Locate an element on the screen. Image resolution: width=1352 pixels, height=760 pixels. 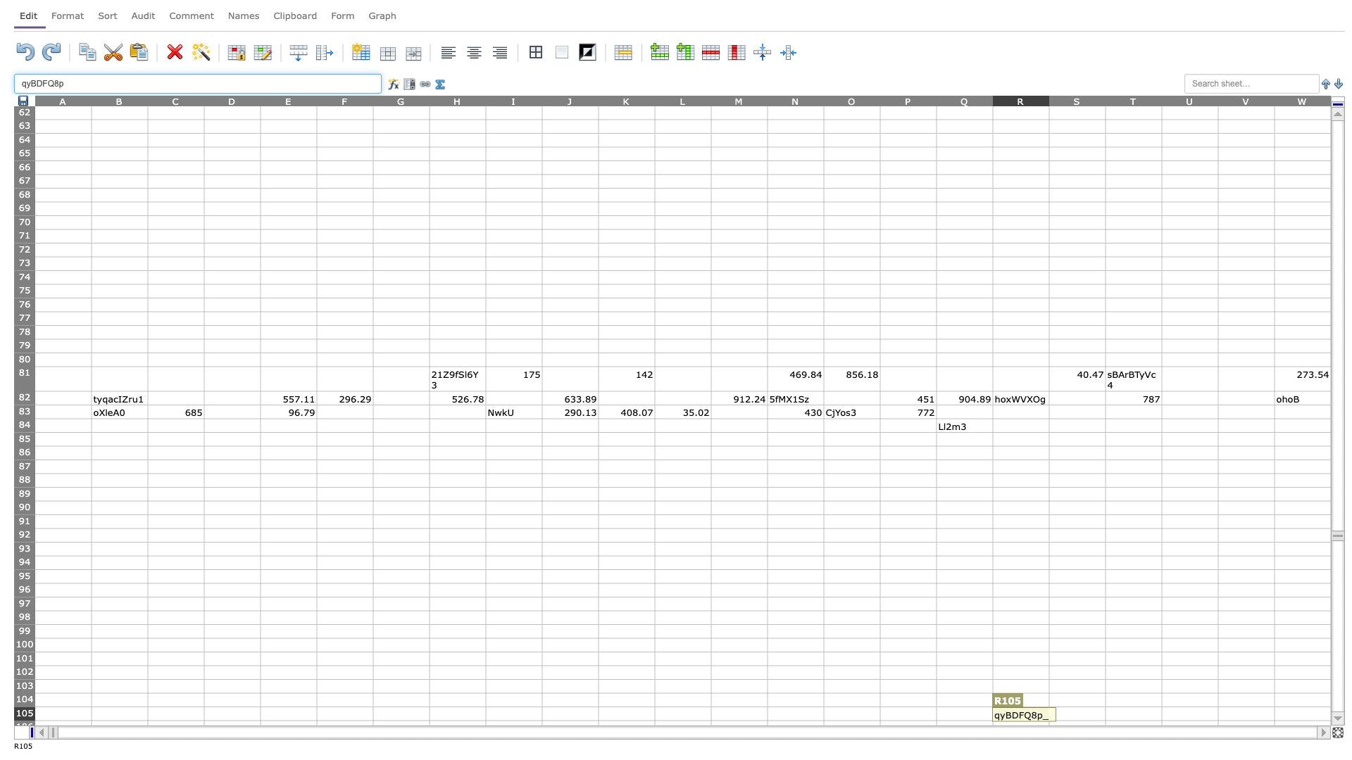
Right edge of S-105 is located at coordinates (1104, 714).